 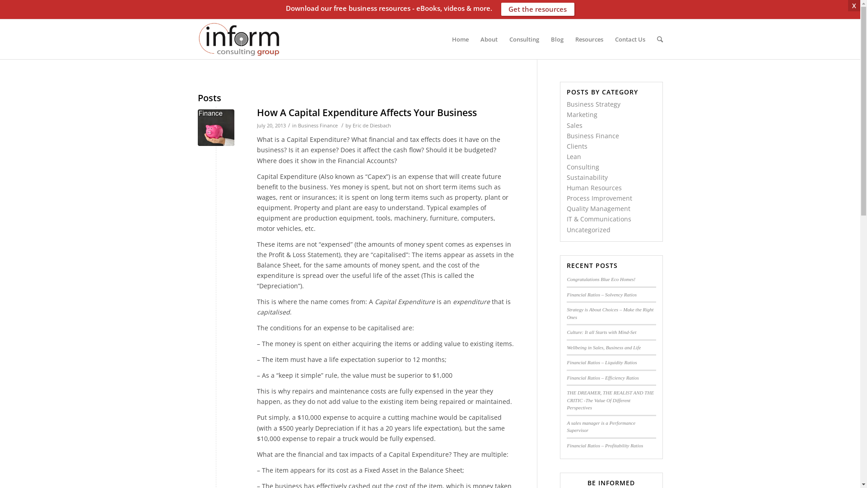 I want to click on 'Sustainability', so click(x=587, y=177).